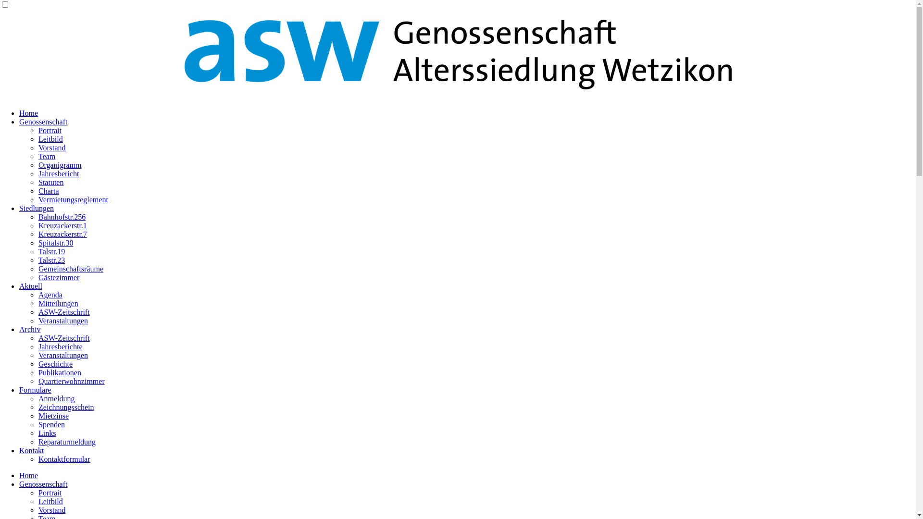 Image resolution: width=923 pixels, height=519 pixels. What do you see at coordinates (50, 493) in the screenshot?
I see `'Portrait'` at bounding box center [50, 493].